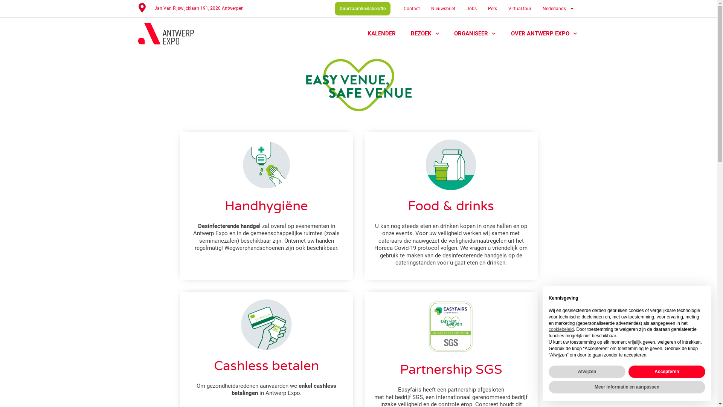 The height and width of the screenshot is (407, 723). Describe the element at coordinates (425, 33) in the screenshot. I see `'BEZOEK'` at that location.